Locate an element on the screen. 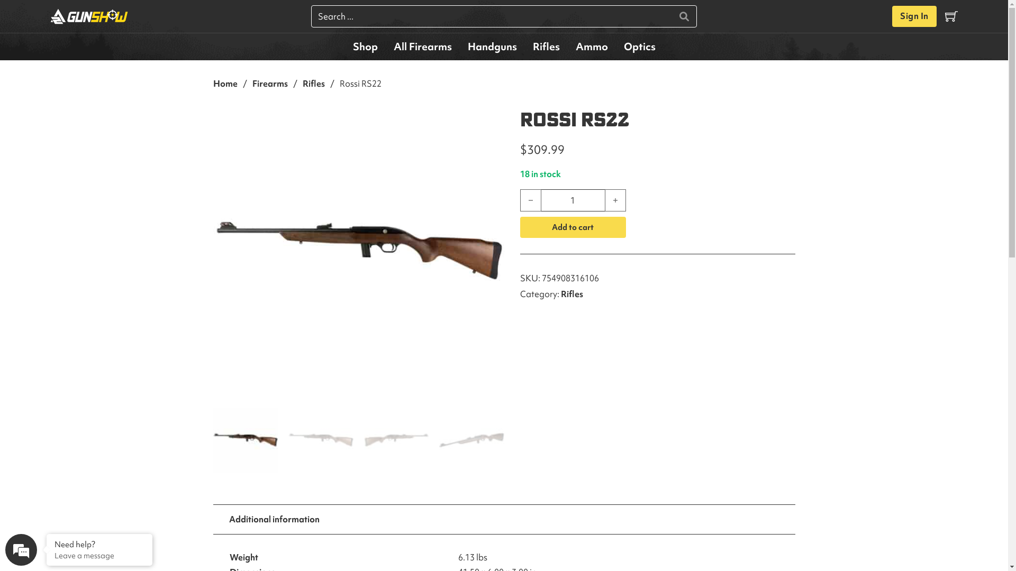 This screenshot has width=1016, height=571. 'Handguns' is located at coordinates (491, 46).